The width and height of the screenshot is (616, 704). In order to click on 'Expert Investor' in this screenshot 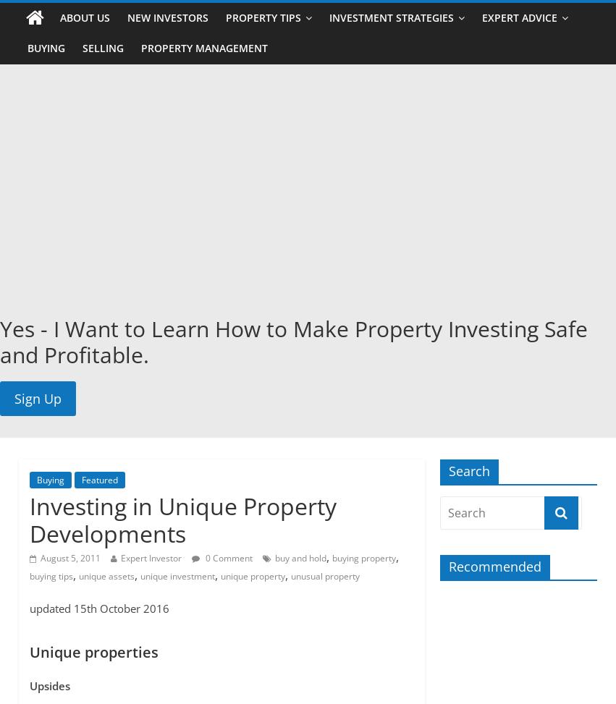, I will do `click(150, 556)`.